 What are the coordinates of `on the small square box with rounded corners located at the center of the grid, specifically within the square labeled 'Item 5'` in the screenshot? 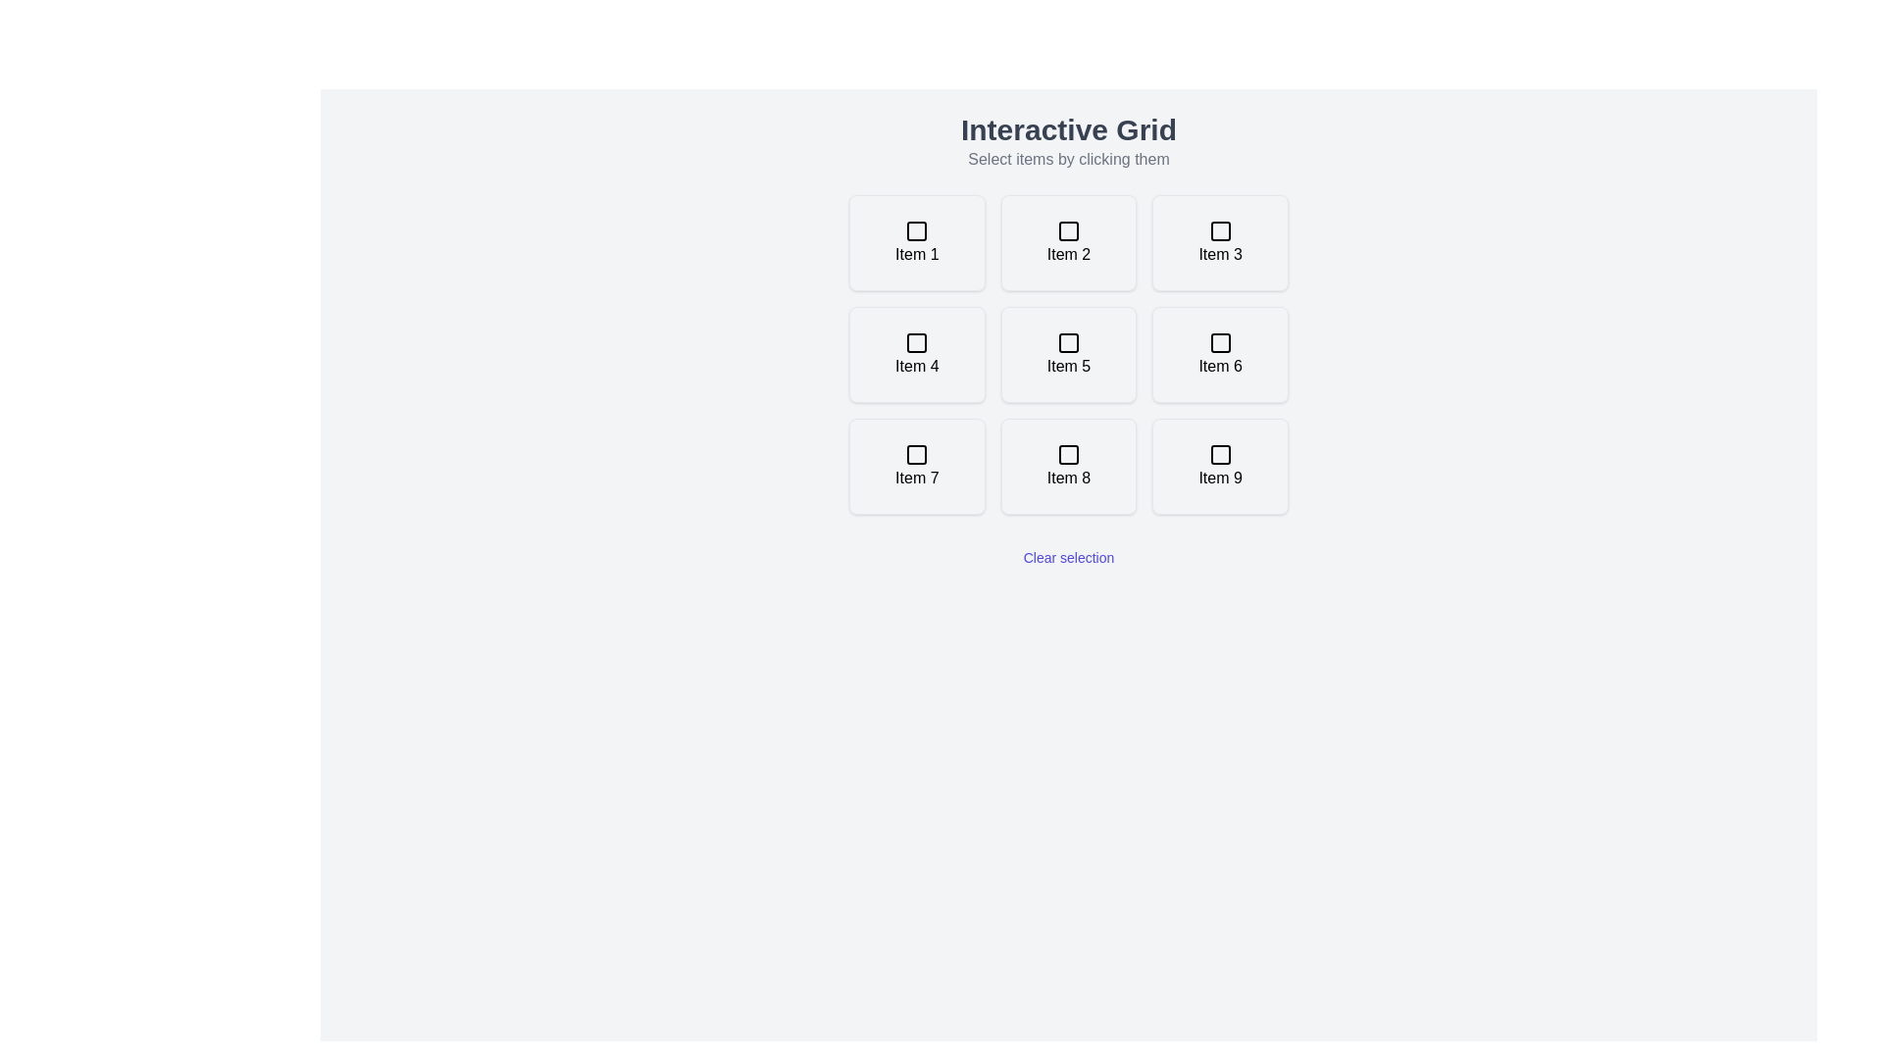 It's located at (1067, 342).